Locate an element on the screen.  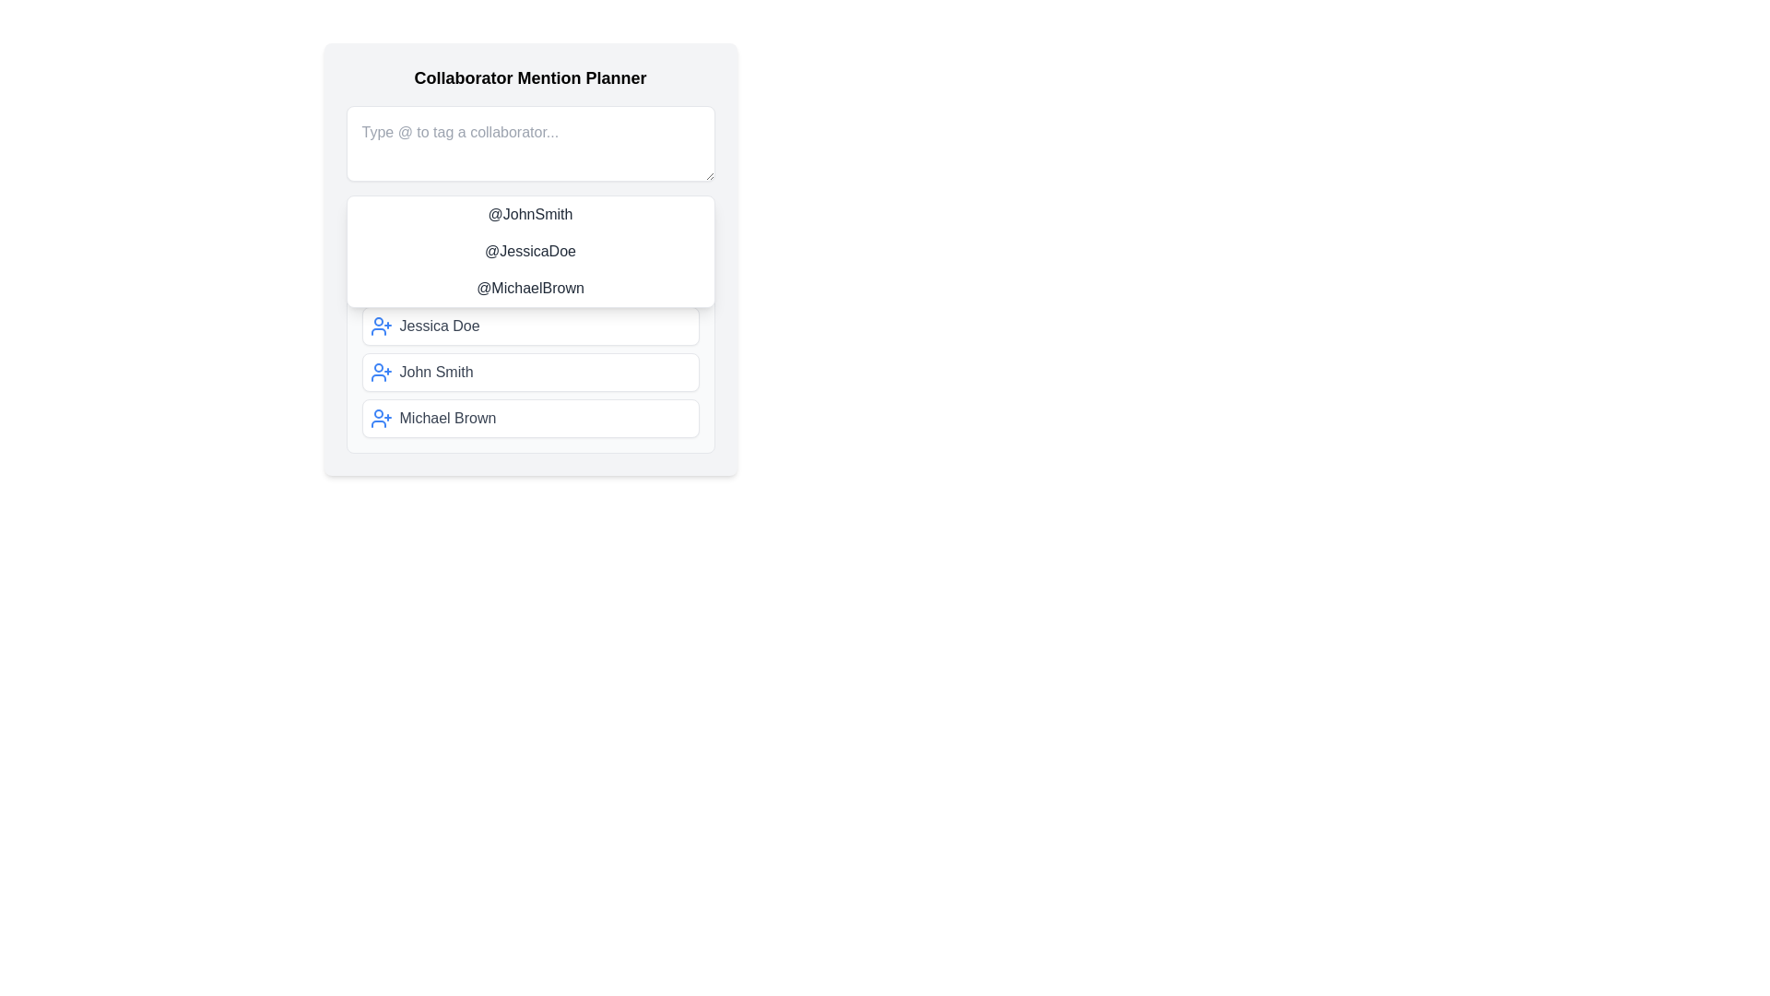
the list item labeled 'Michael Brown', which is the third item in a vertical list below the main input field is located at coordinates (529, 419).